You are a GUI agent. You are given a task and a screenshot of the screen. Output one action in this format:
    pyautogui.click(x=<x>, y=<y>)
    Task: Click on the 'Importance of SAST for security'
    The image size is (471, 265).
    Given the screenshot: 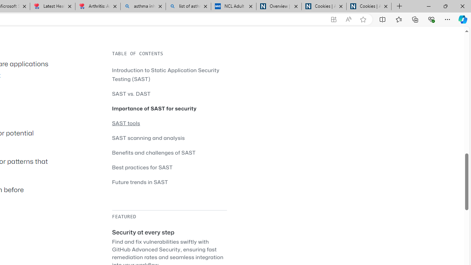 What is the action you would take?
    pyautogui.click(x=154, y=108)
    